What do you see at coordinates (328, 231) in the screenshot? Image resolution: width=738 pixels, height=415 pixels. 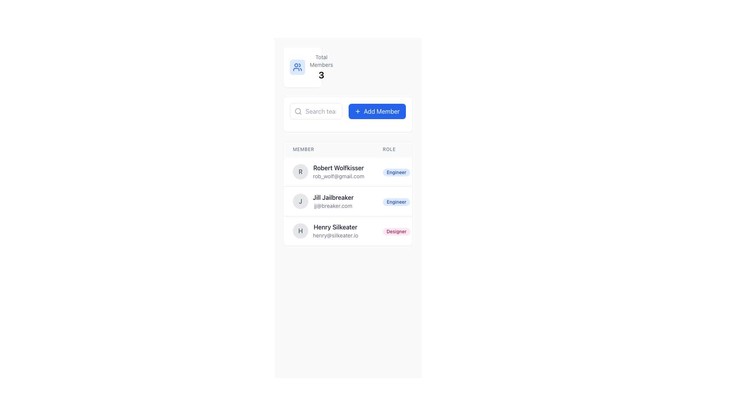 I see `the list item representing the user profile for 'Henry Silkeater', which consists of a circular profile icon with an 'H' and the name and email text adjacent to it` at bounding box center [328, 231].